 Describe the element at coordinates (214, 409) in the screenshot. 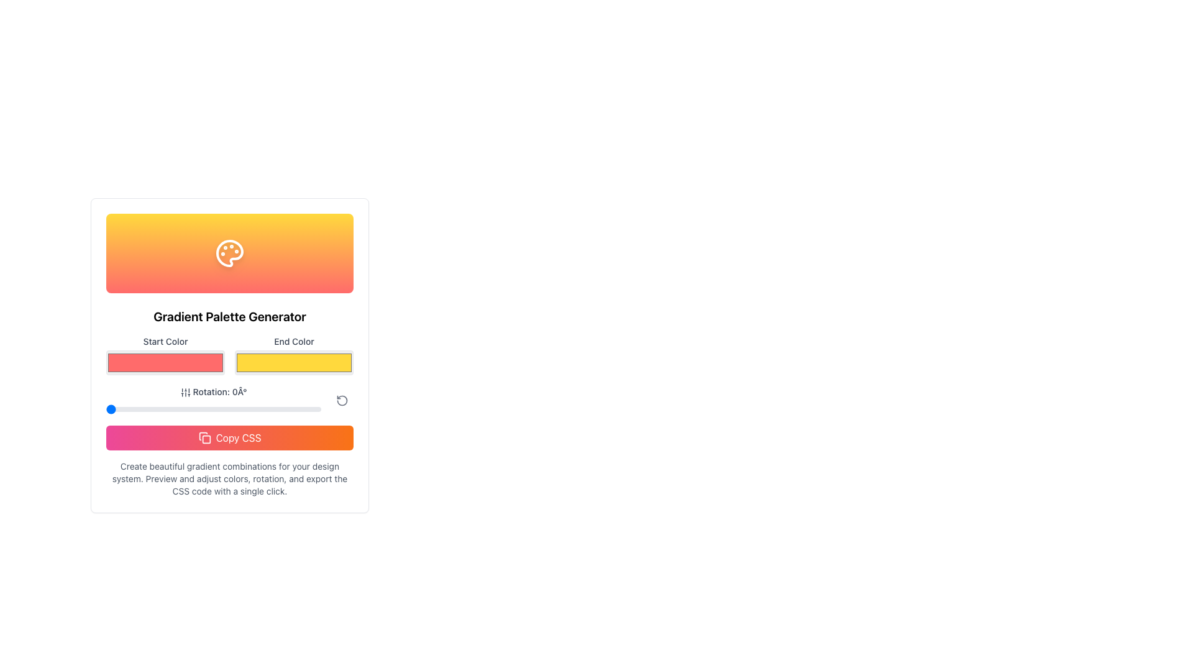

I see `the handle of the horizontal range slider, which is located under the text 'Rotation: 0°'` at that location.